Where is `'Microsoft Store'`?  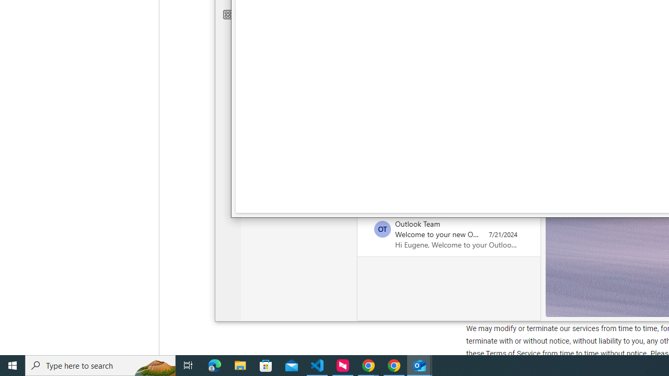 'Microsoft Store' is located at coordinates (266, 365).